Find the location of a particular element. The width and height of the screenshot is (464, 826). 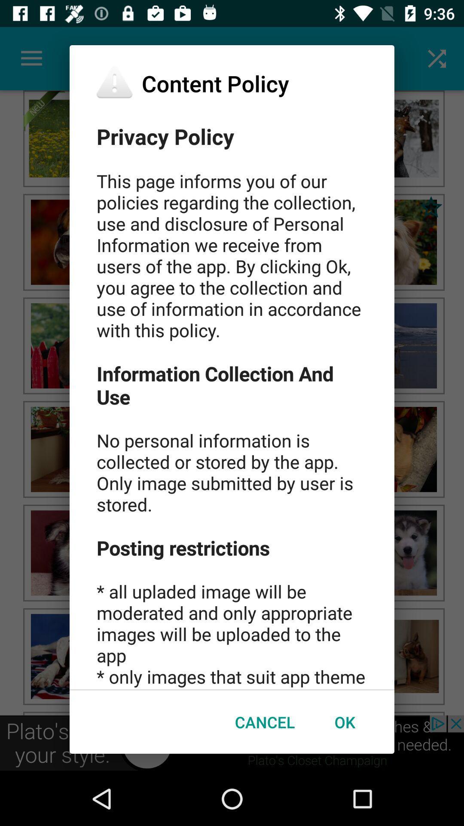

icon to the left of the ok item is located at coordinates (264, 722).